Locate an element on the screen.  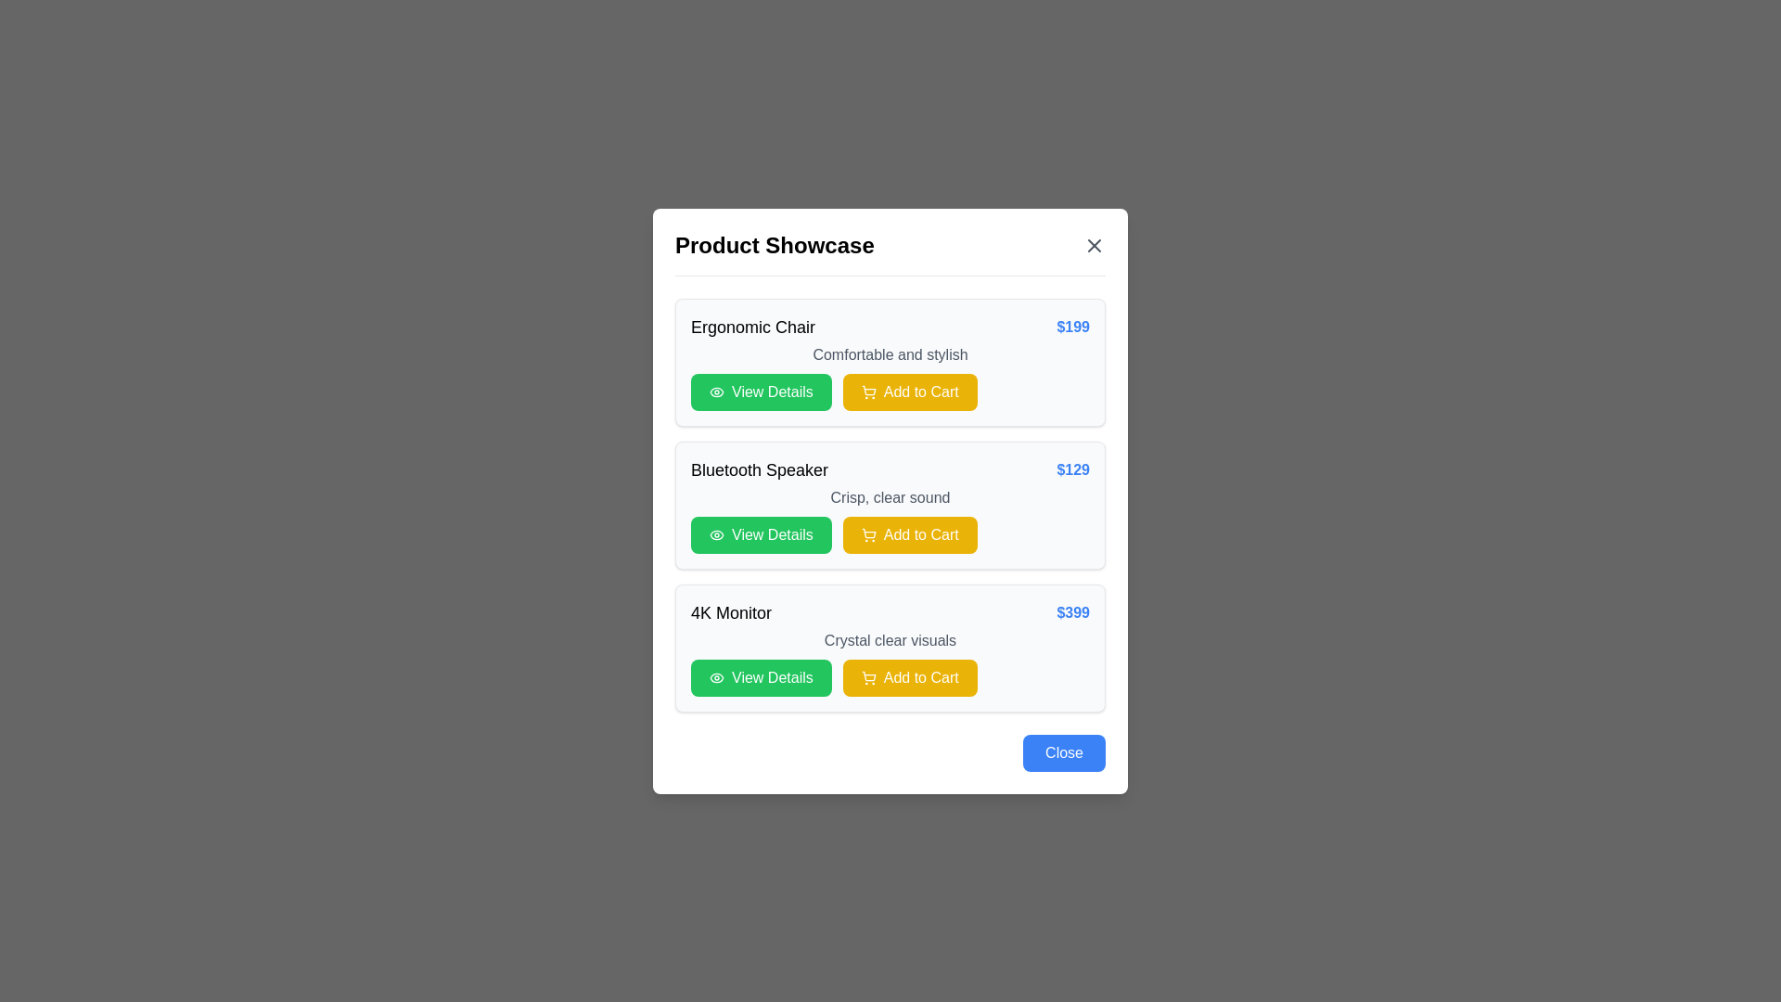
the first button below the 'Bluetooth Speaker' product card in the modal is located at coordinates (761, 534).